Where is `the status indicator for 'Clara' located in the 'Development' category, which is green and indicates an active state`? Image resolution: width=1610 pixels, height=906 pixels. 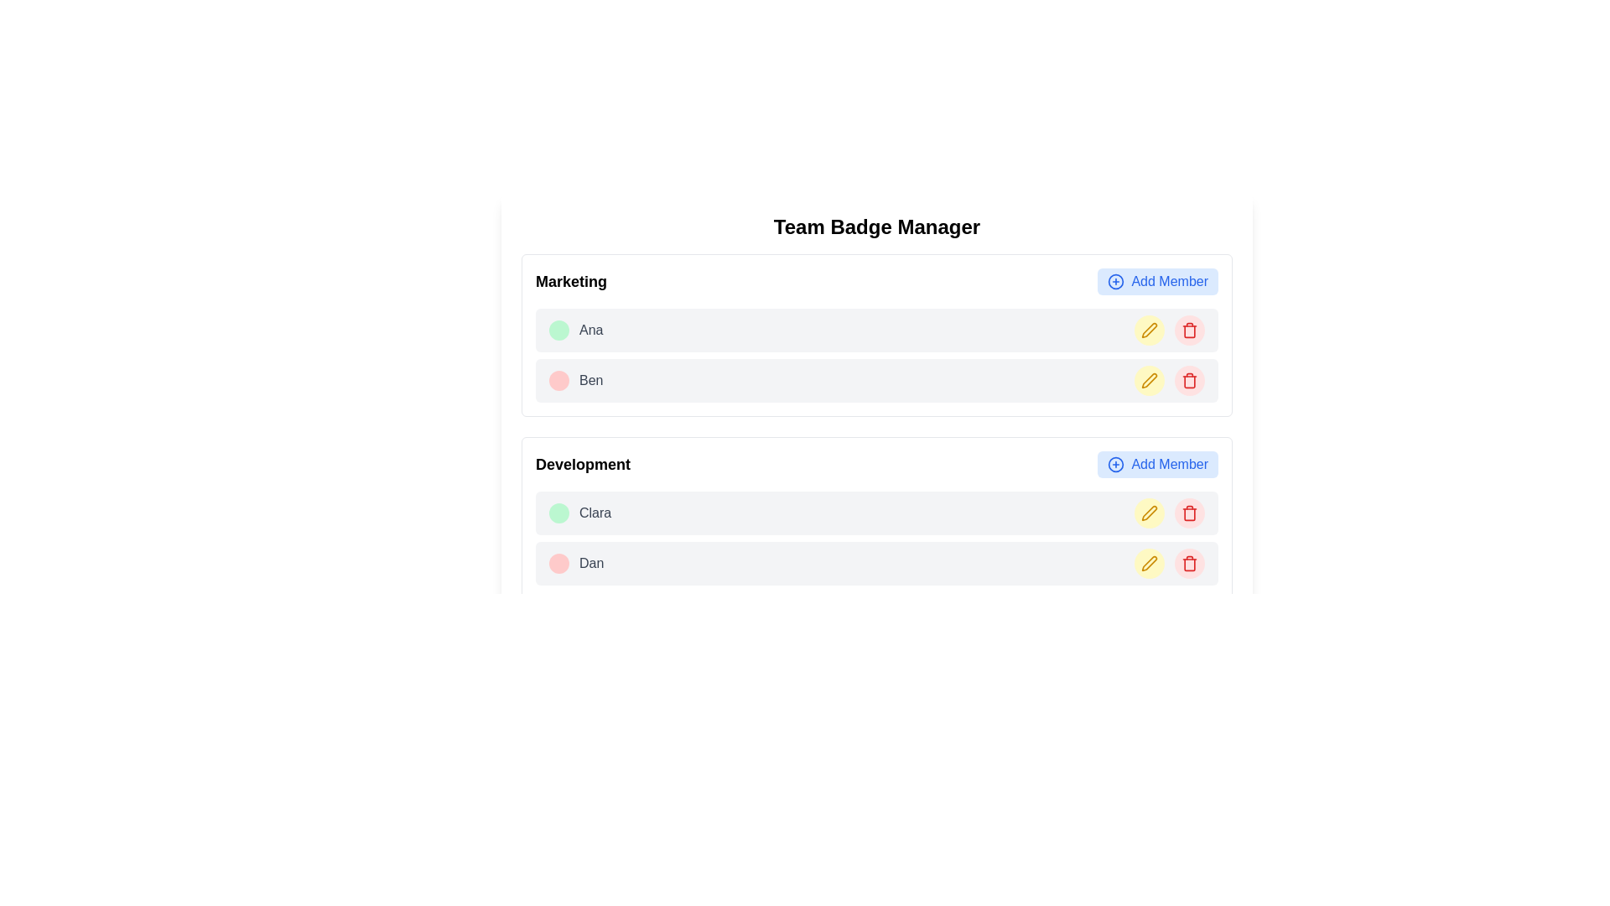 the status indicator for 'Clara' located in the 'Development' category, which is green and indicates an active state is located at coordinates (569, 516).